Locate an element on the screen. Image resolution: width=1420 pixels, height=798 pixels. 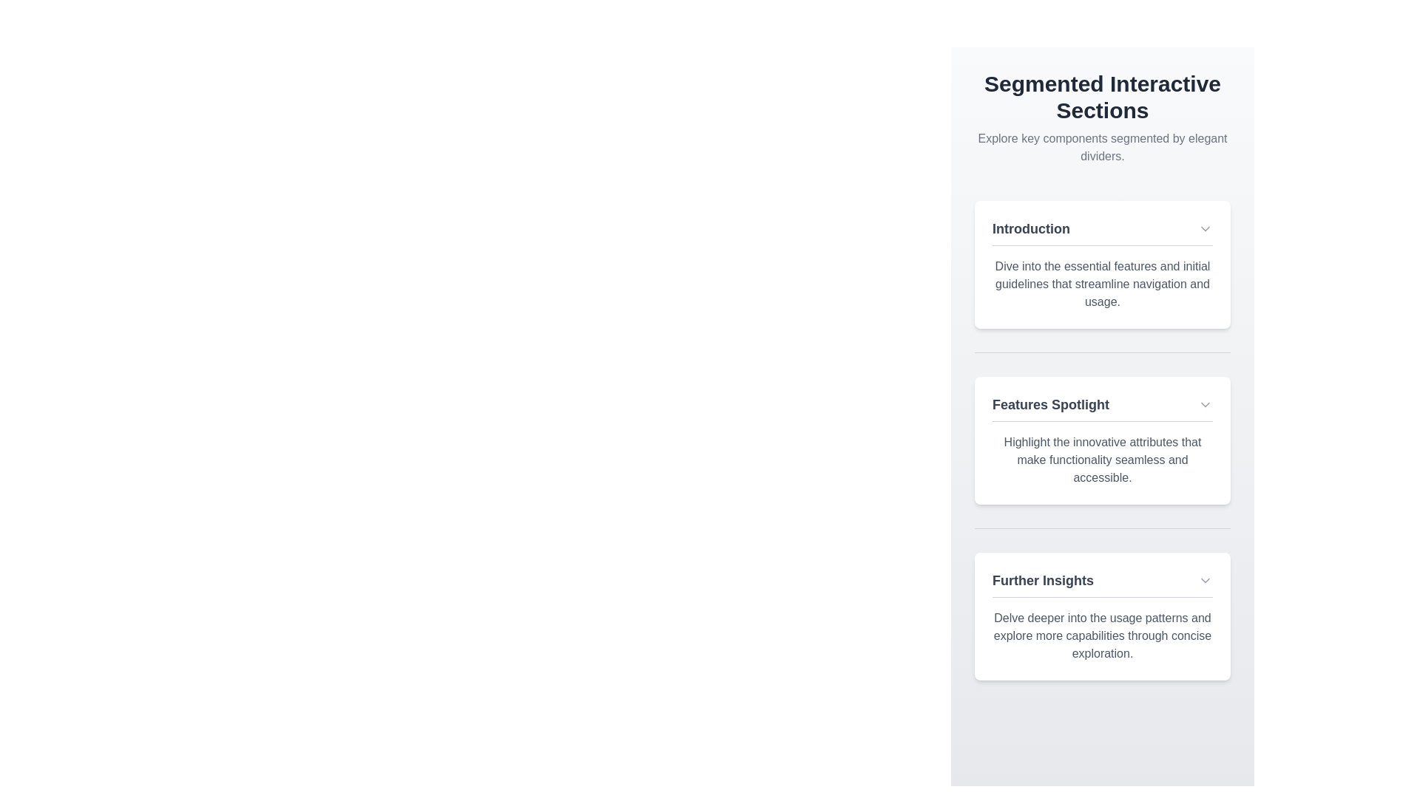
the small downward-facing chevron icon styled with a gray color tone in the top-right corner of the 'Features Spotlight' card is located at coordinates (1206, 404).